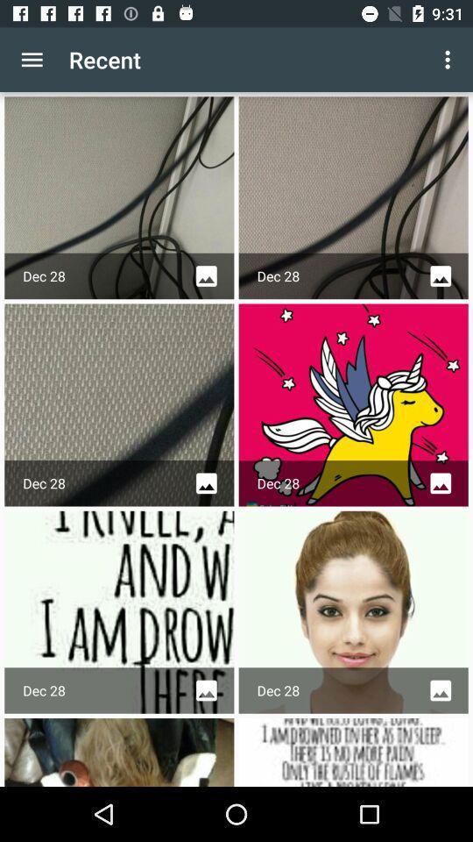  What do you see at coordinates (118, 751) in the screenshot?
I see `the image which is at the extreme bottom  left hand side` at bounding box center [118, 751].